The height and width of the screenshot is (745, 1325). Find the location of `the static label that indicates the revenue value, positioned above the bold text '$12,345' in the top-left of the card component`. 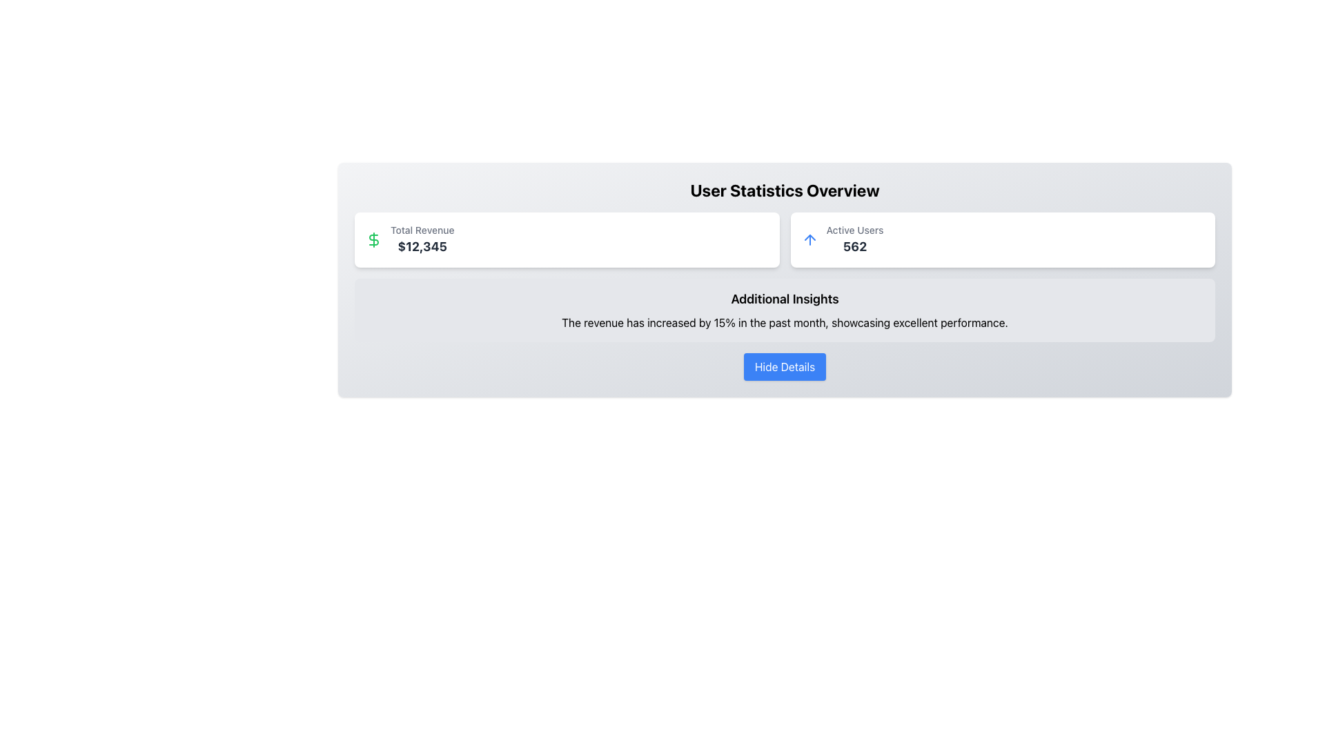

the static label that indicates the revenue value, positioned above the bold text '$12,345' in the top-left of the card component is located at coordinates (422, 230).